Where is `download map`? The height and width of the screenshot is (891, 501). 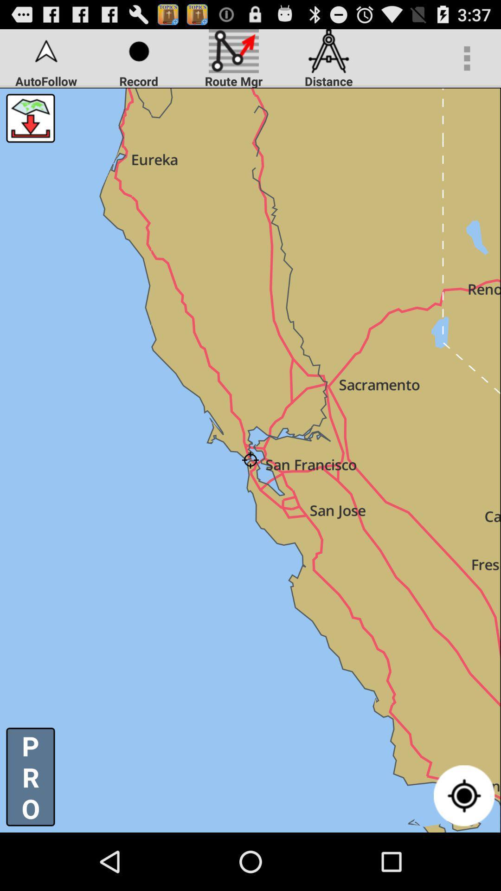 download map is located at coordinates (30, 117).